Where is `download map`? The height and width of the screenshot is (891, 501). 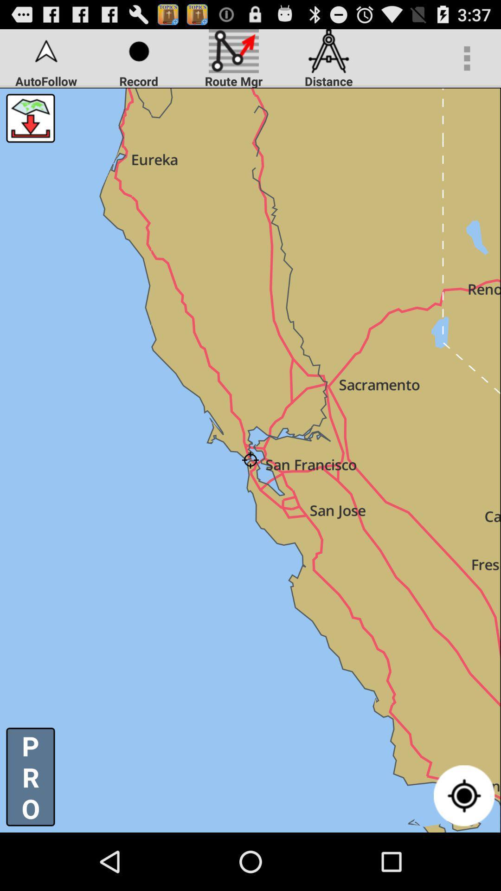 download map is located at coordinates (30, 117).